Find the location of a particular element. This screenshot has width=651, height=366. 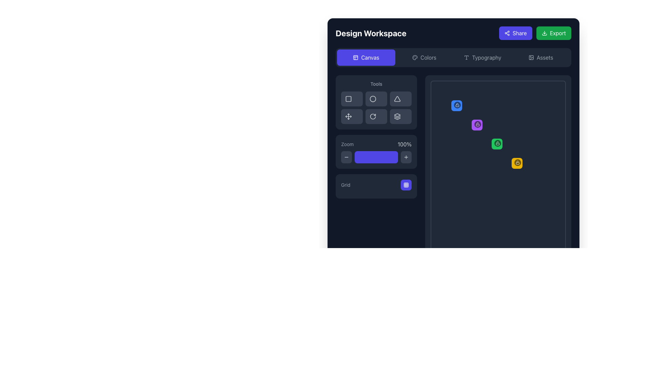

the 'Grid' label, which is styled in small, gray text and located to the left of the selectable grid view button in the zoom control section of the interface is located at coordinates (346, 185).